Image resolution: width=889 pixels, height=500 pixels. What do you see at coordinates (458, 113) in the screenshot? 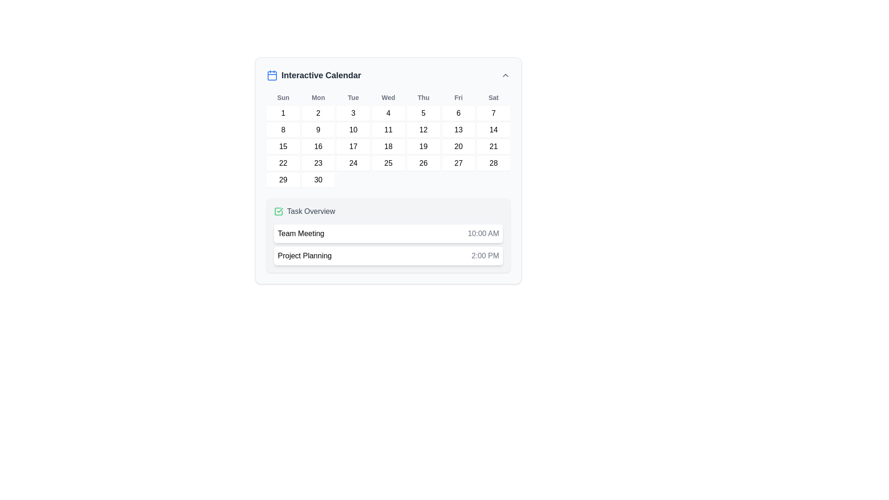
I see `the square-shaped button with the number '6' centered inside it, which is the sixth item in the first row under the 'Fri' header` at bounding box center [458, 113].